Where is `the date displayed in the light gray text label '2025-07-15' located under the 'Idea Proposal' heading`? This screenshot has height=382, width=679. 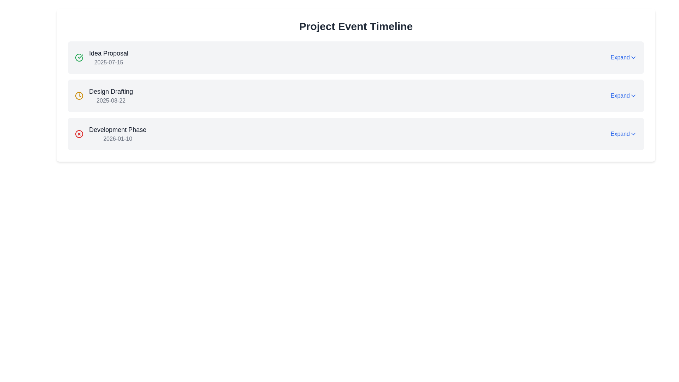
the date displayed in the light gray text label '2025-07-15' located under the 'Idea Proposal' heading is located at coordinates (108, 62).